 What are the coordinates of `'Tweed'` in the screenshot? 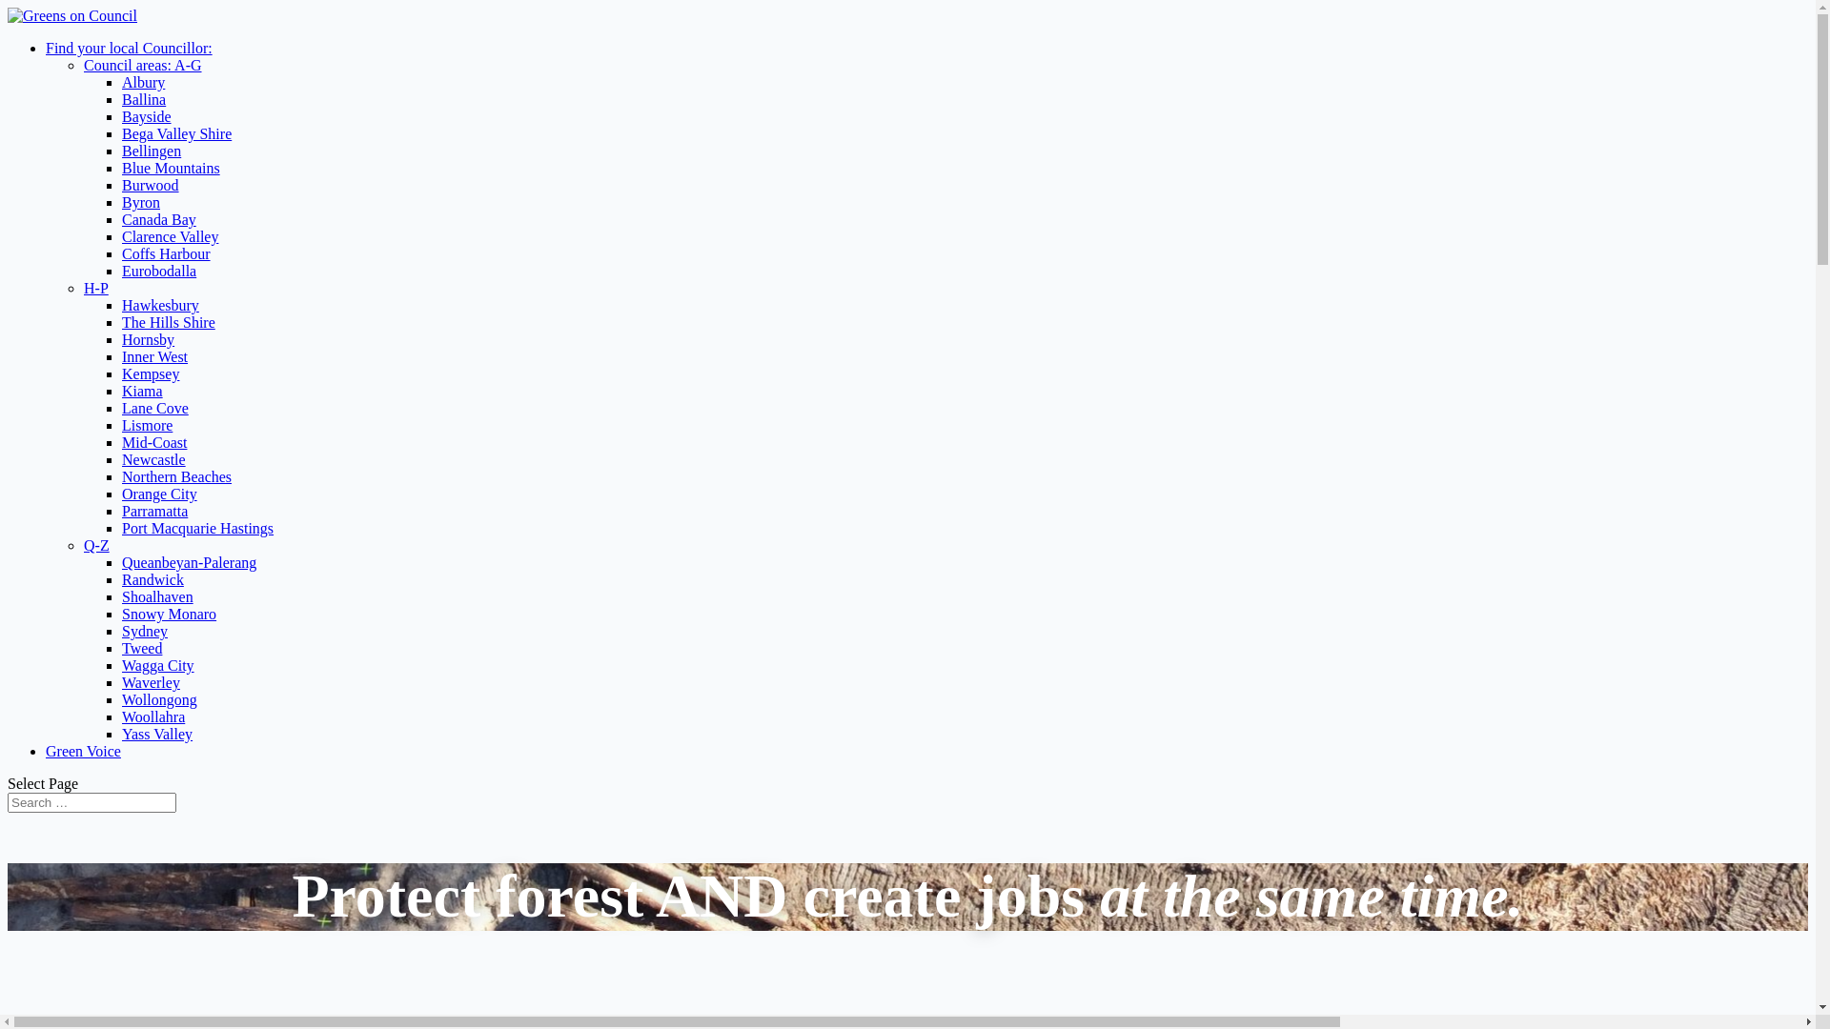 It's located at (140, 647).